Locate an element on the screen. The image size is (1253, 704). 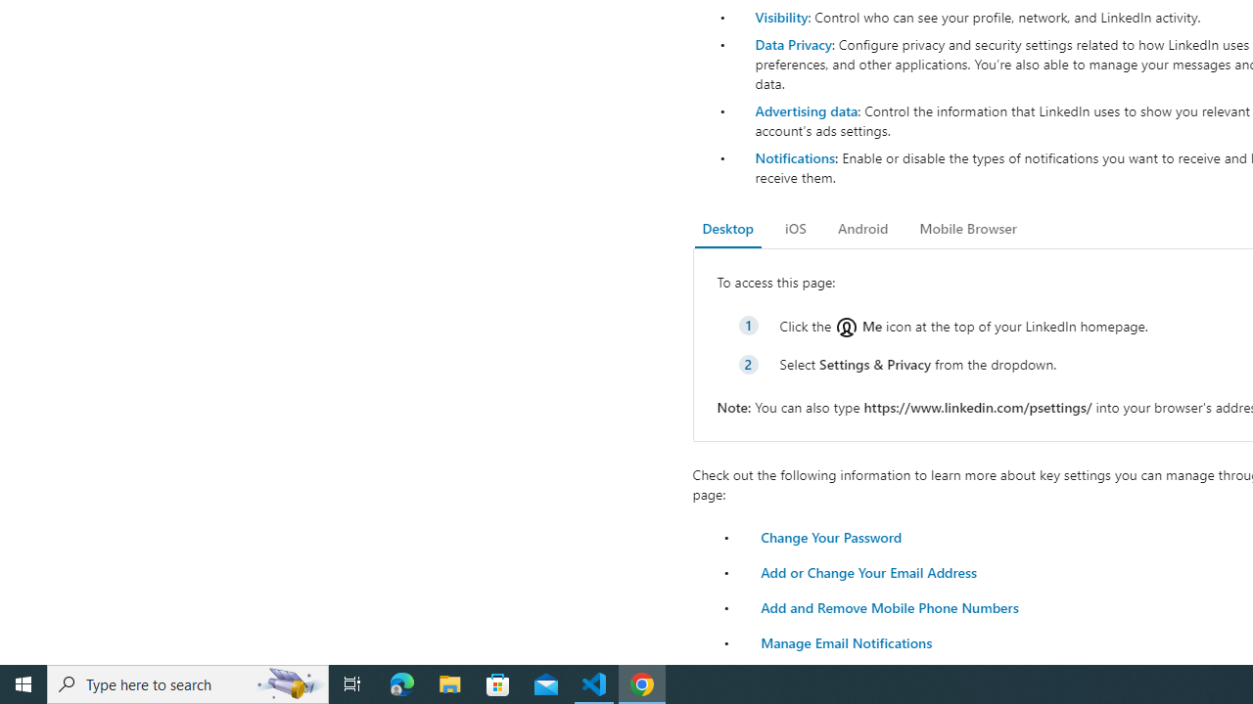
'Android' is located at coordinates (861, 228).